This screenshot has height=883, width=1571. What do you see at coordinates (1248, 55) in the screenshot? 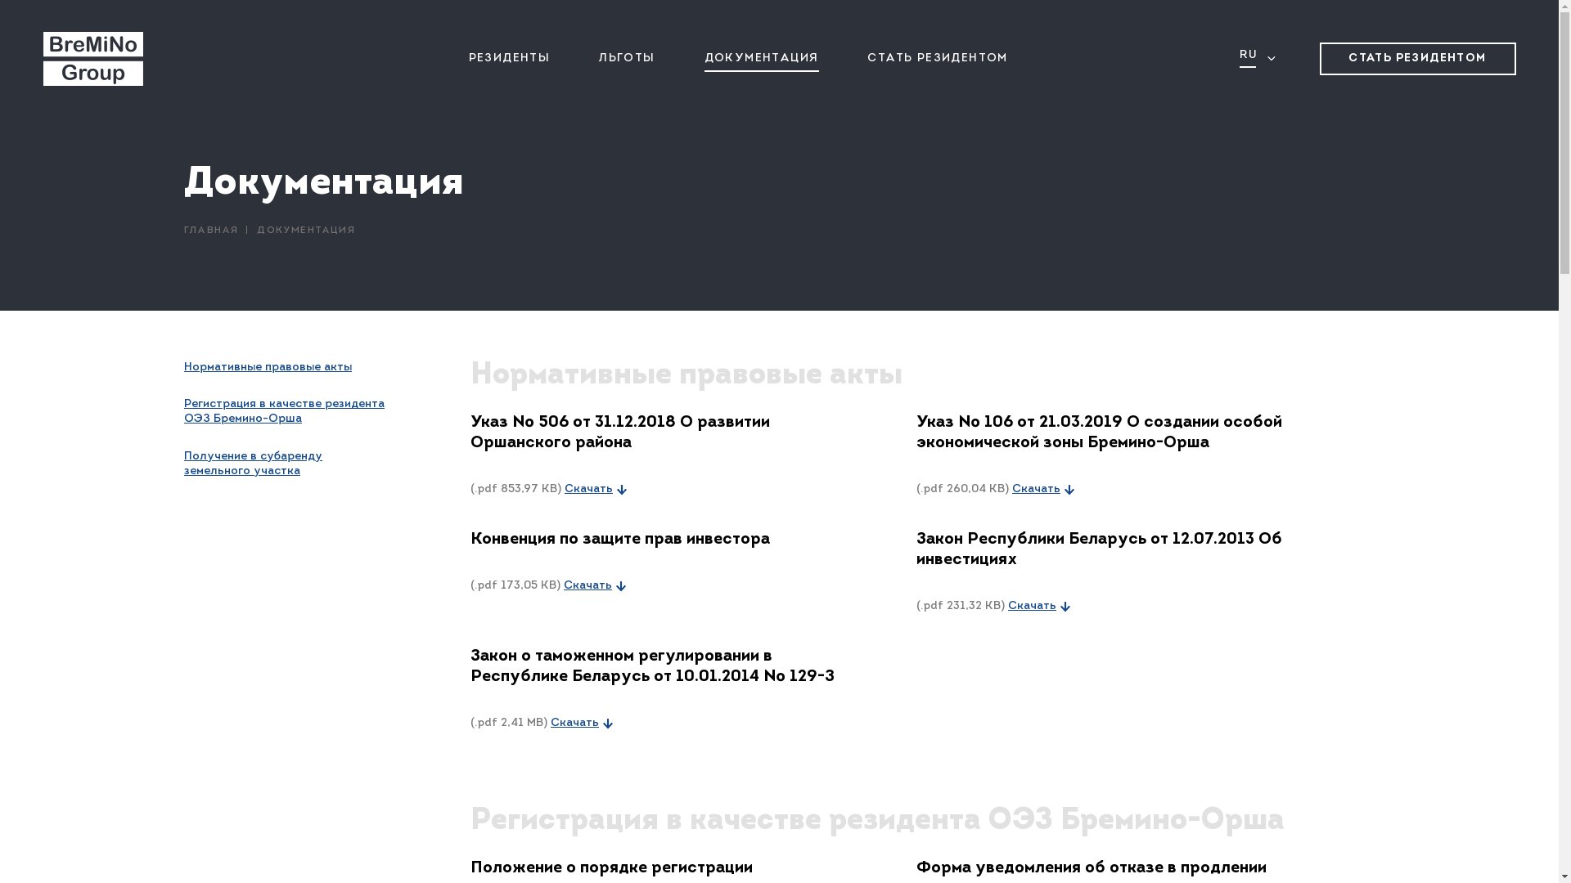
I see `'RU'` at bounding box center [1248, 55].